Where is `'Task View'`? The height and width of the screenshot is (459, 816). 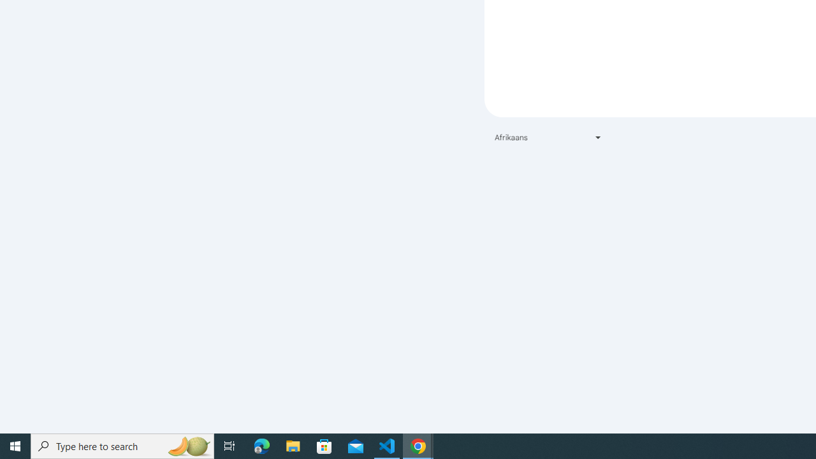 'Task View' is located at coordinates (229, 445).